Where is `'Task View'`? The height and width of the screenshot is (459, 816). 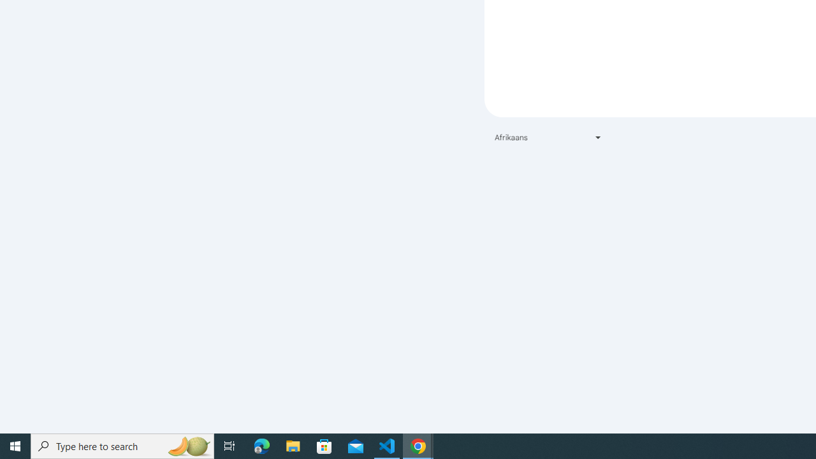 'Task View' is located at coordinates (229, 445).